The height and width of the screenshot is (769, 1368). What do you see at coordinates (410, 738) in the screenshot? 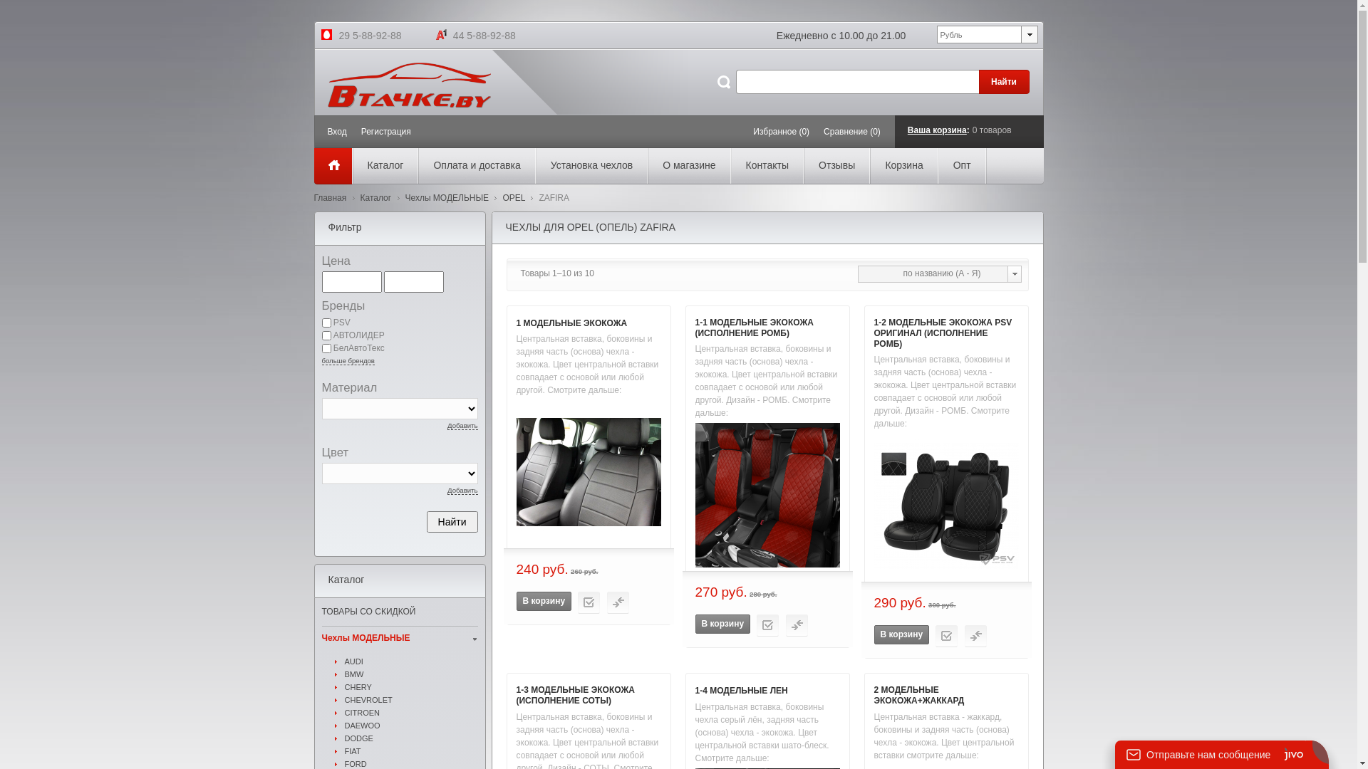
I see `'DODGE'` at bounding box center [410, 738].